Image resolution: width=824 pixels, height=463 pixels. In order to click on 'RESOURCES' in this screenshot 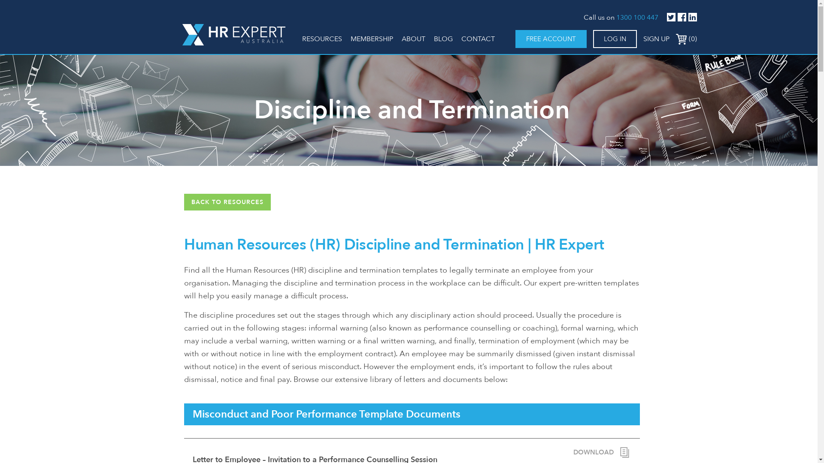, I will do `click(321, 39)`.